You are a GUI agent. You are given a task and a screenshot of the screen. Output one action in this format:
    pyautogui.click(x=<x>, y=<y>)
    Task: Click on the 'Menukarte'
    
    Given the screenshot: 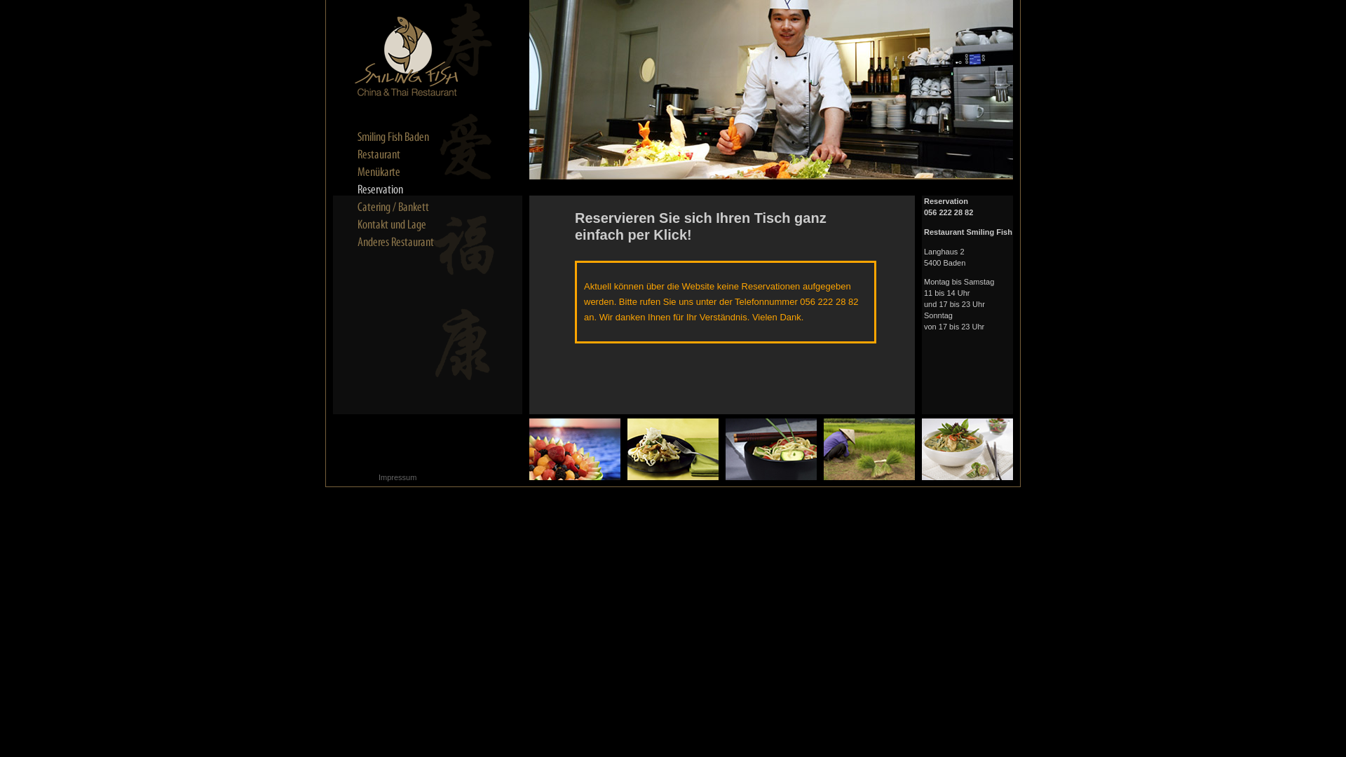 What is the action you would take?
    pyautogui.click(x=406, y=172)
    